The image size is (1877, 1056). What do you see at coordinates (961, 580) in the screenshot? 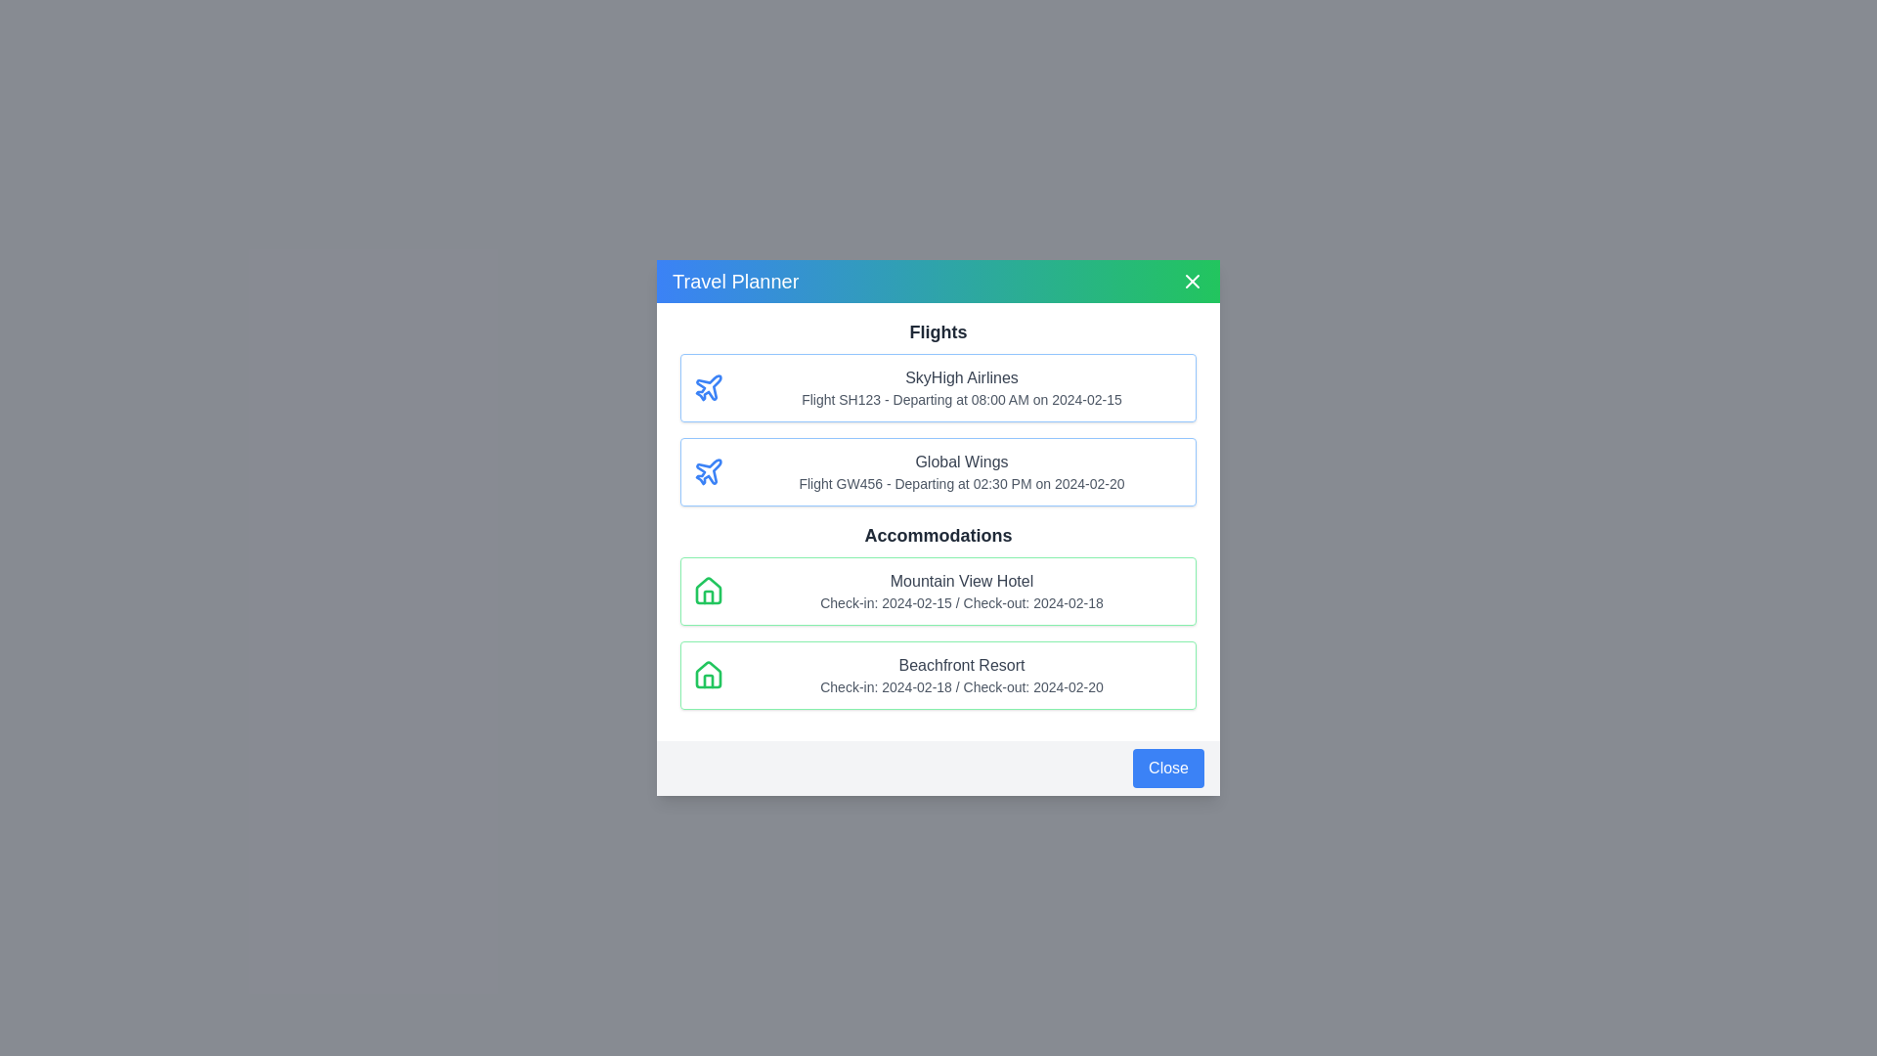
I see `the text label indicating the name of the selected hotel accommodation, which is located in the 'Accommodations' section above the check-in and check-out dates for 'Mountain View Hotel'` at bounding box center [961, 580].